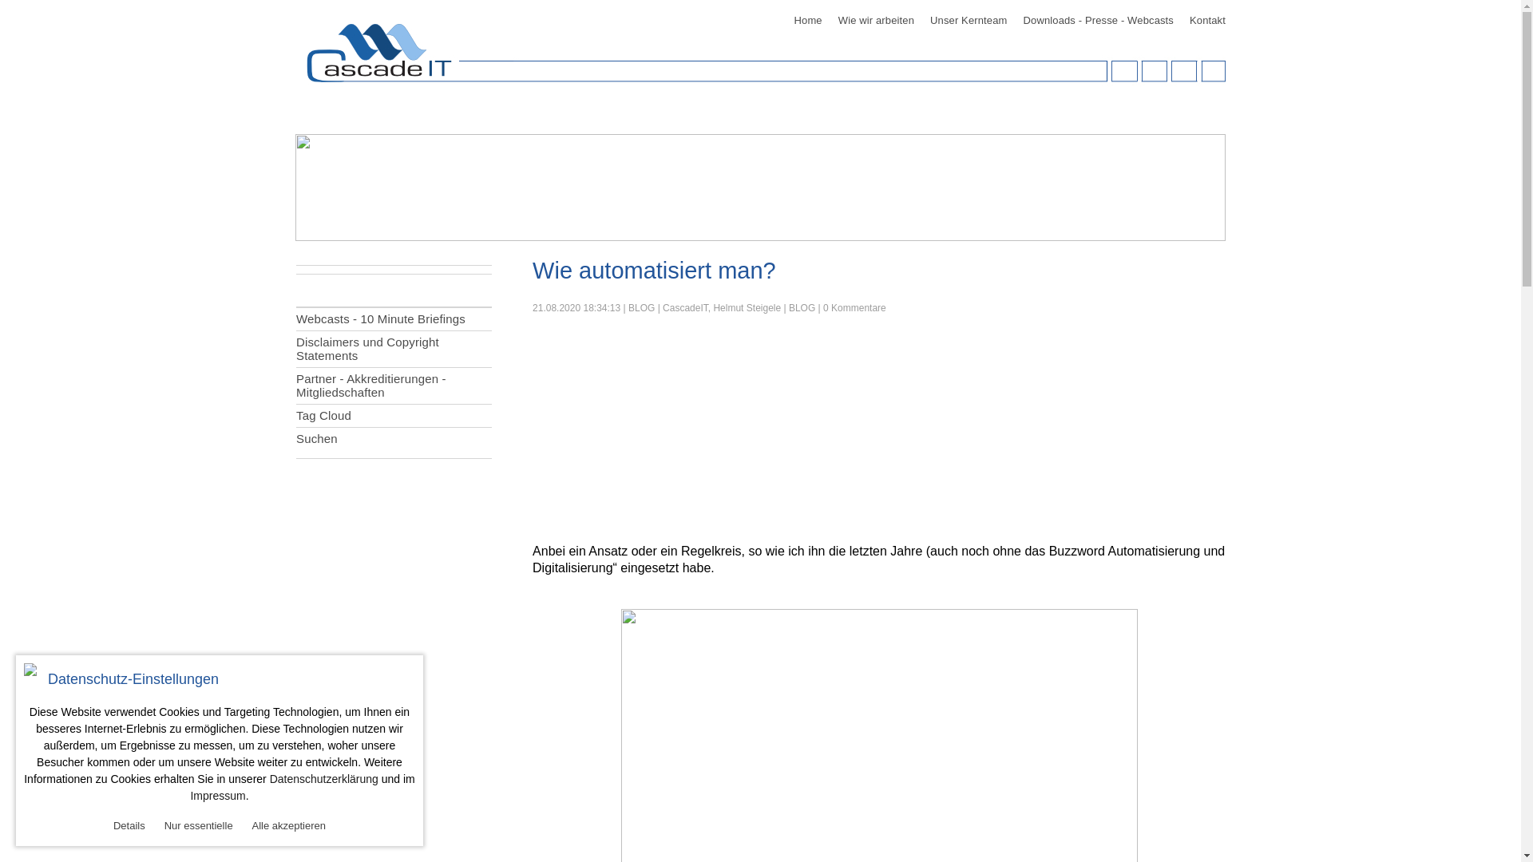 The image size is (1533, 862). Describe the element at coordinates (216, 795) in the screenshot. I see `'Impressum'` at that location.